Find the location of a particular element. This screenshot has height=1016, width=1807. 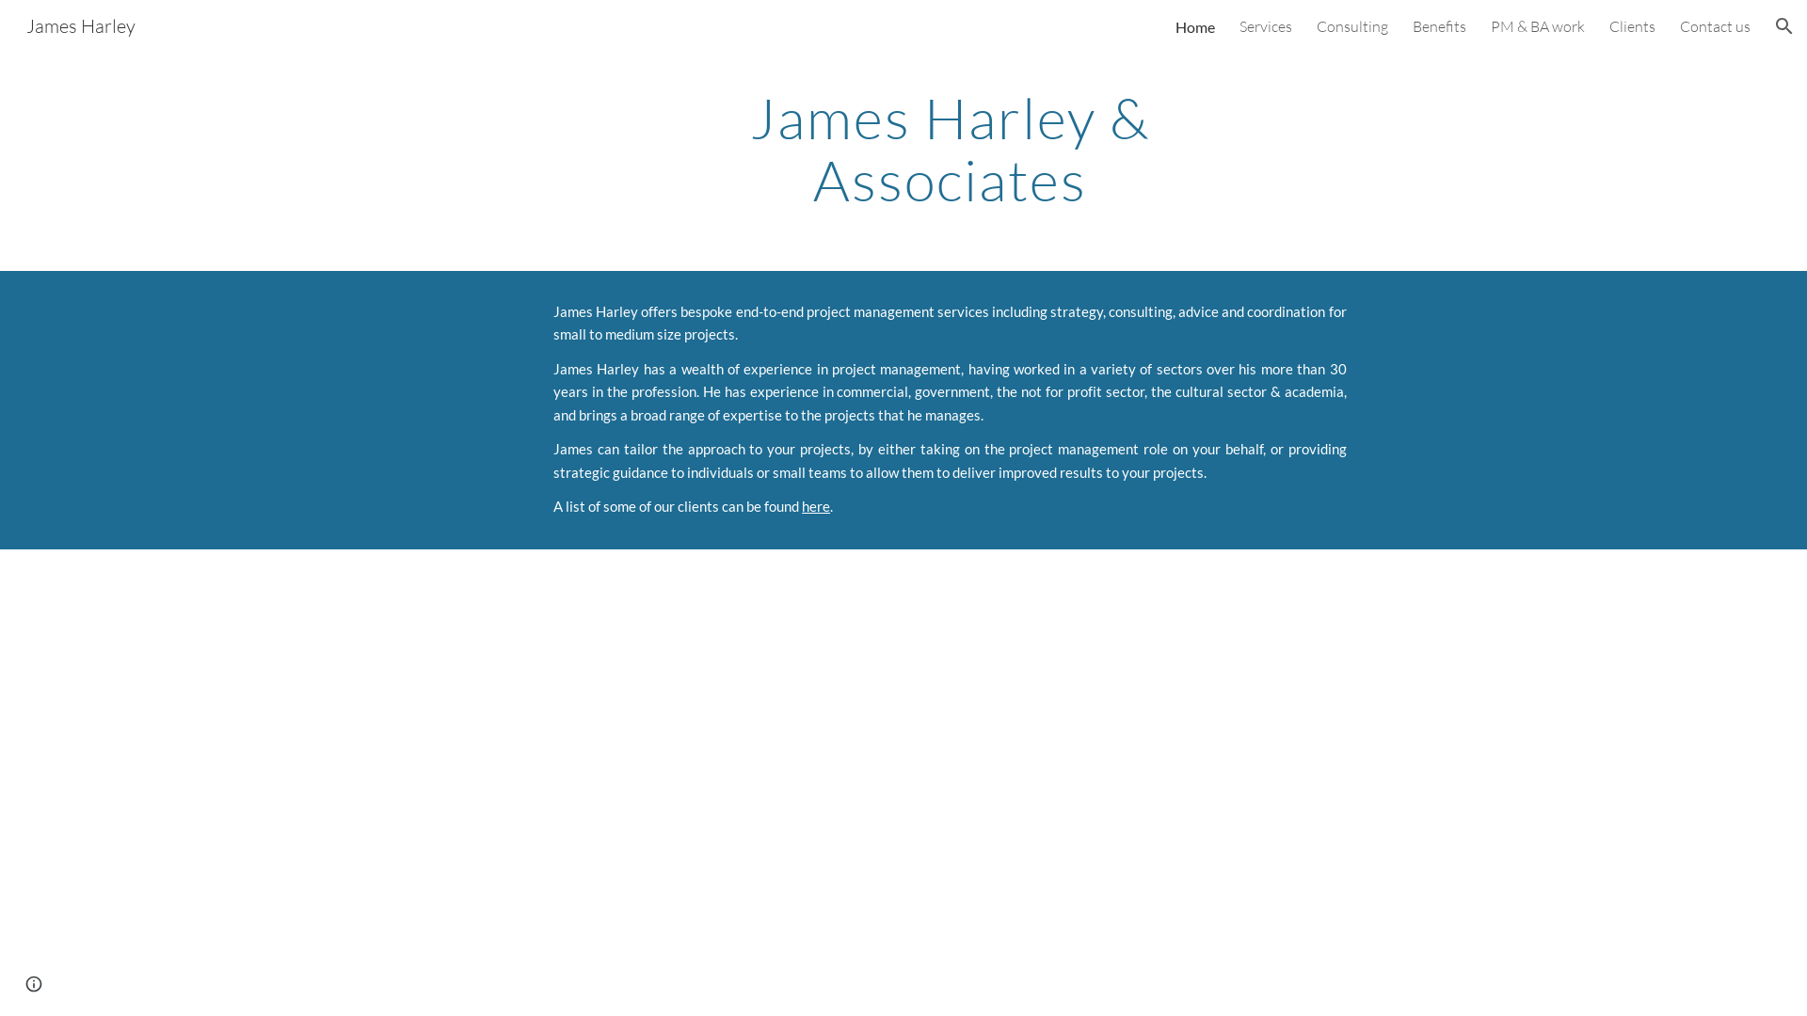

'here' is located at coordinates (801, 505).